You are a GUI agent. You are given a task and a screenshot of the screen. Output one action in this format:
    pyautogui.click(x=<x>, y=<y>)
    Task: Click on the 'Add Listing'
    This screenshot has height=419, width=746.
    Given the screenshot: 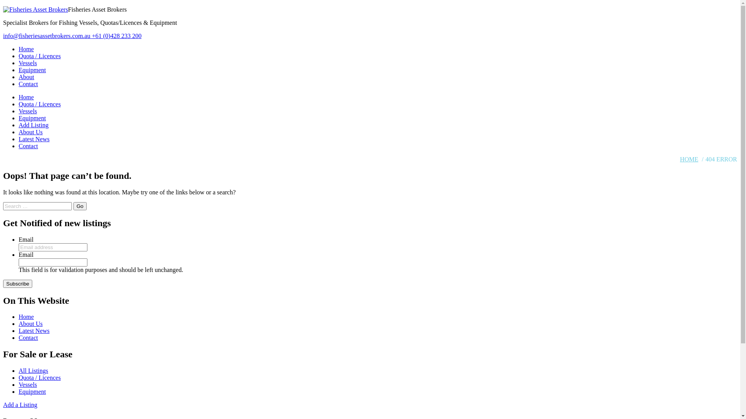 What is the action you would take?
    pyautogui.click(x=19, y=125)
    